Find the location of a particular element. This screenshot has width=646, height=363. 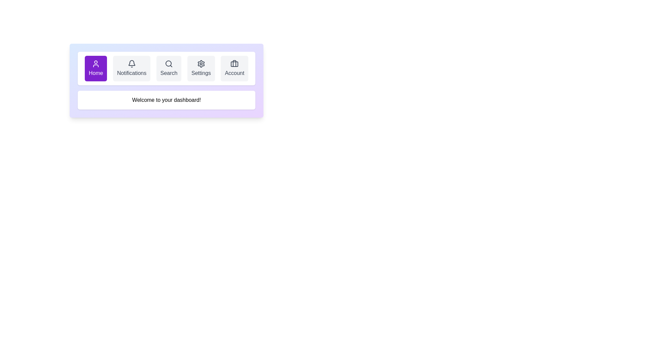

the search icon represented by a magnifying glass is located at coordinates (169, 64).